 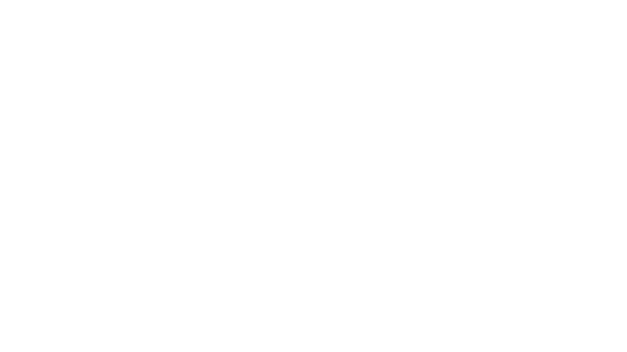 I want to click on Play, so click(x=83, y=87).